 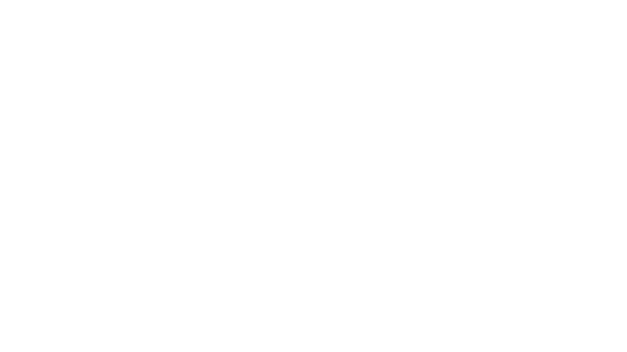 I want to click on Play, so click(x=83, y=87).